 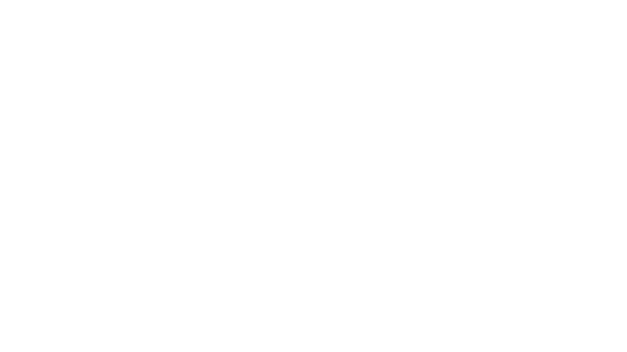 I want to click on Play, so click(x=83, y=87).